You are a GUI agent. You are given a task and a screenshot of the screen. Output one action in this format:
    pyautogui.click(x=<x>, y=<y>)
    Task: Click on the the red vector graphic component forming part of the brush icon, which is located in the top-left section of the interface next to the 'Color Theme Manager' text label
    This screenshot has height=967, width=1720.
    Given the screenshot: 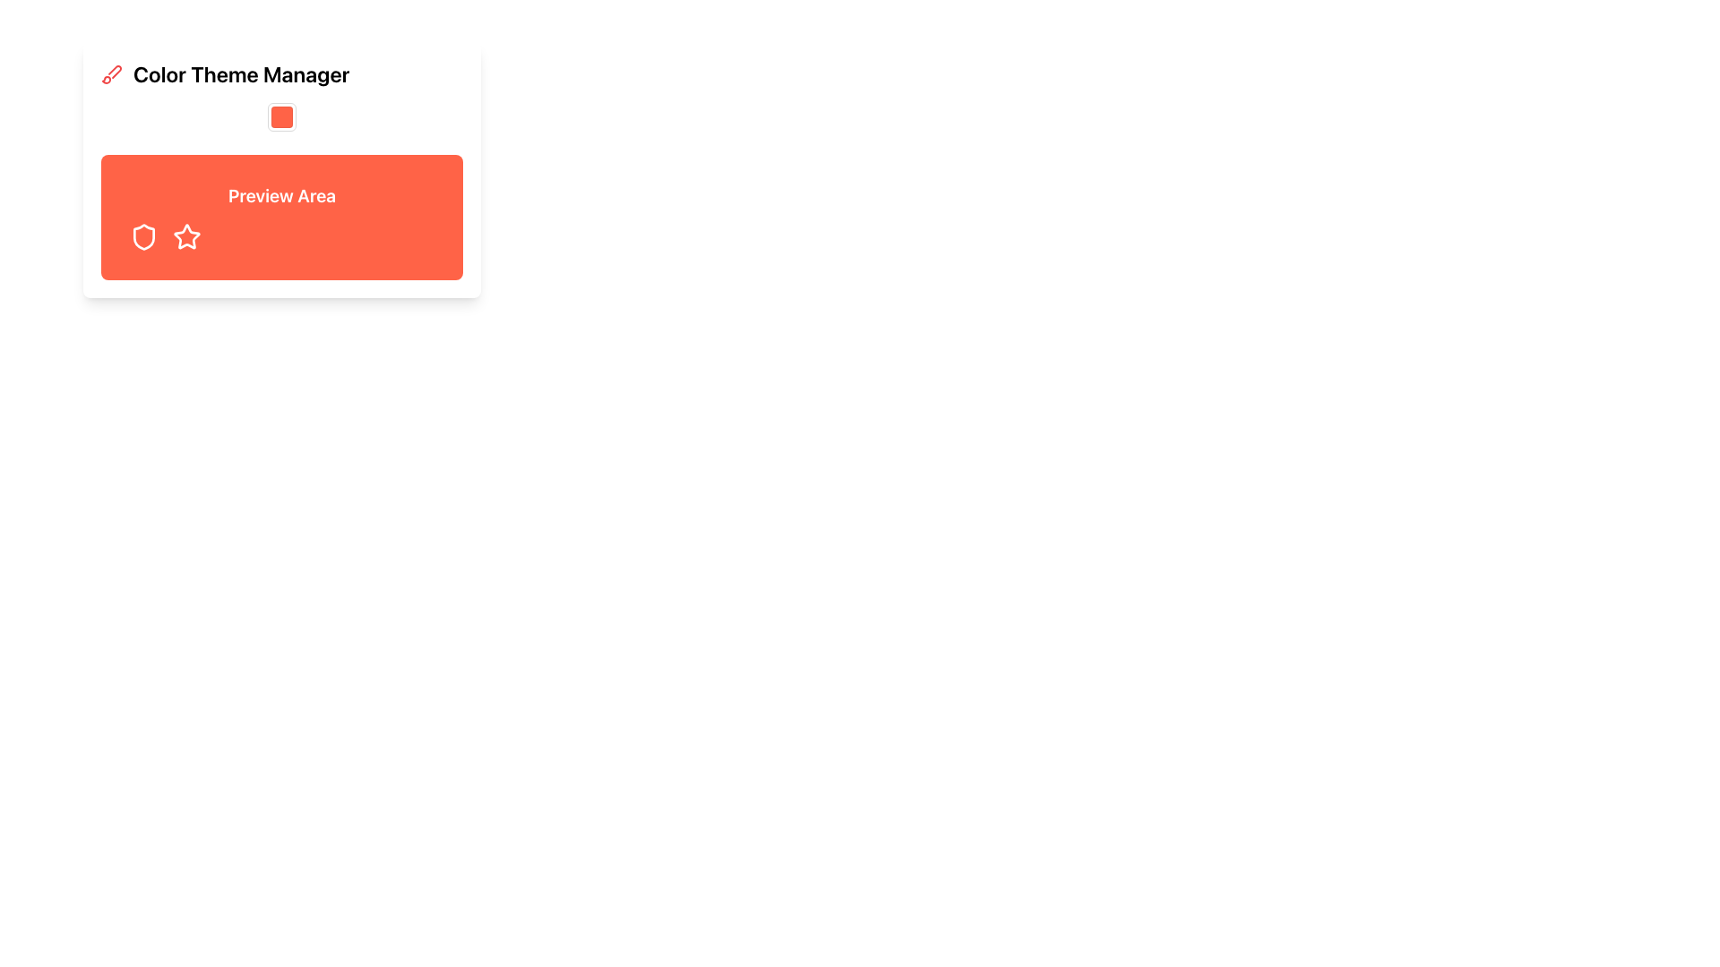 What is the action you would take?
    pyautogui.click(x=114, y=71)
    